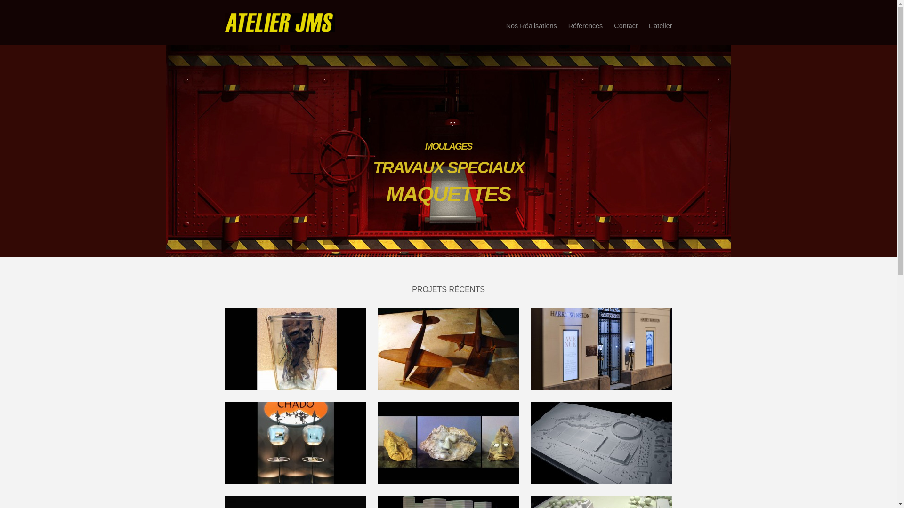 The width and height of the screenshot is (904, 508). Describe the element at coordinates (386, 193) in the screenshot. I see `'MAQUETTES'` at that location.